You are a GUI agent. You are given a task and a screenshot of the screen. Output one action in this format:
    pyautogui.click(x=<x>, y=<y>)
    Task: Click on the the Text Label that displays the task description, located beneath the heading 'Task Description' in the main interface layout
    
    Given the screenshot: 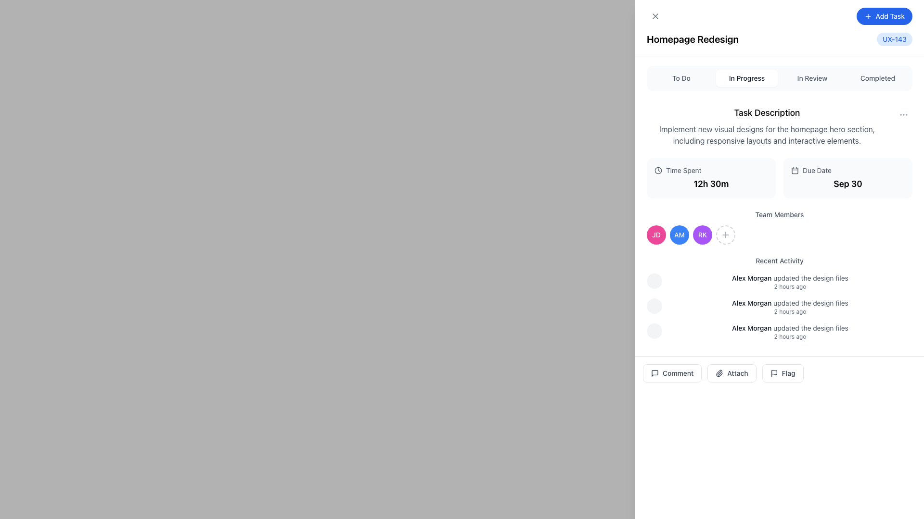 What is the action you would take?
    pyautogui.click(x=766, y=135)
    